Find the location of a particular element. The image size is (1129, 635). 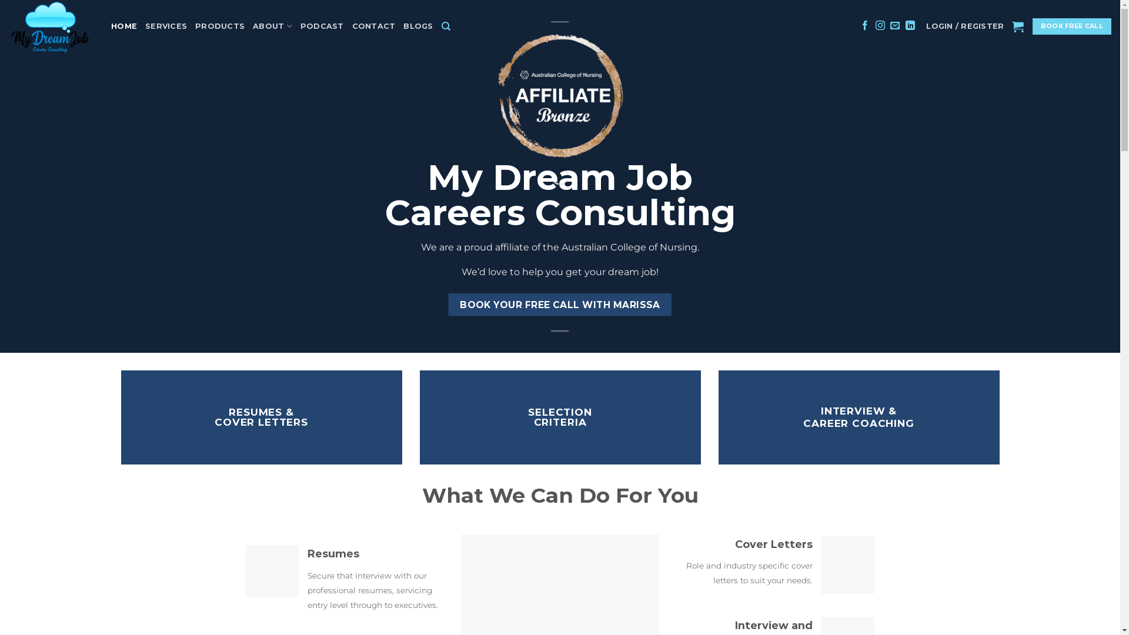

'HOME' is located at coordinates (124, 26).